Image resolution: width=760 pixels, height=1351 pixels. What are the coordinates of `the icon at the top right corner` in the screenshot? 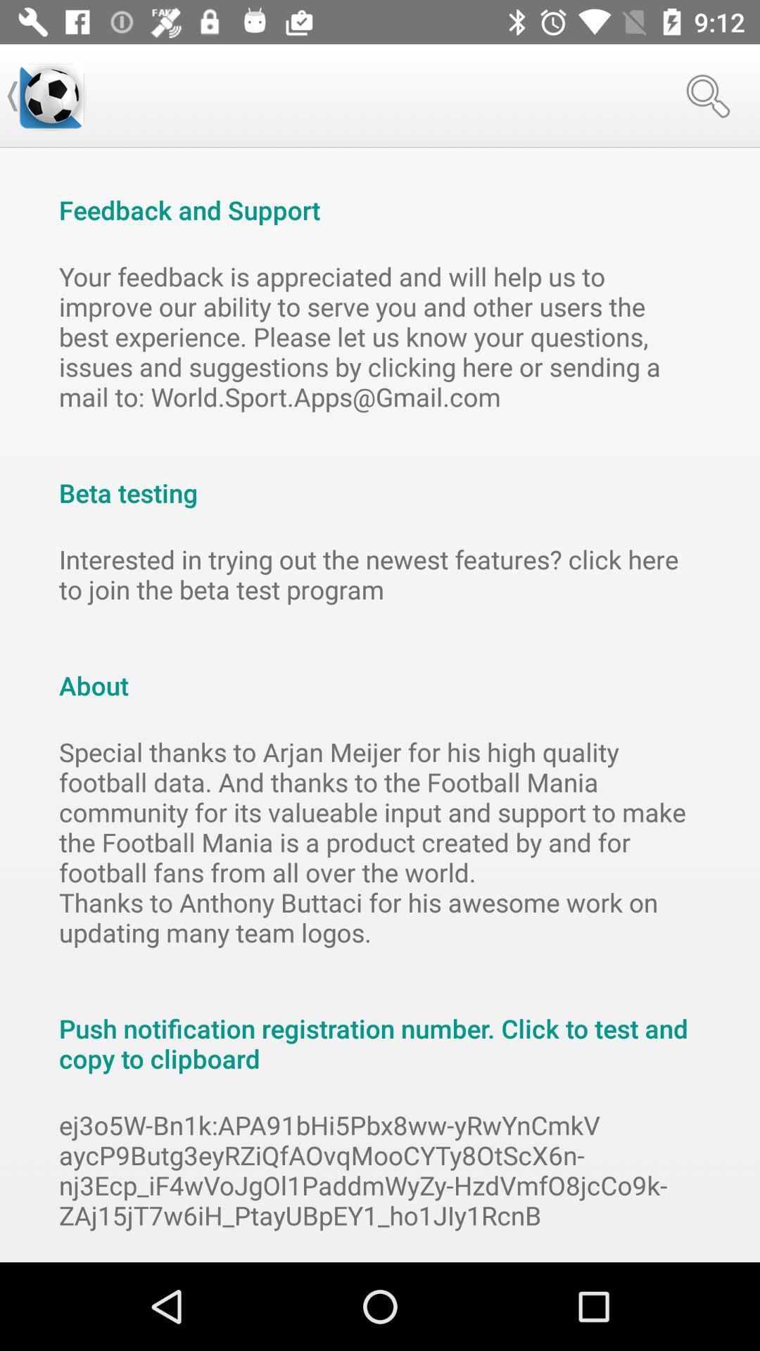 It's located at (708, 95).